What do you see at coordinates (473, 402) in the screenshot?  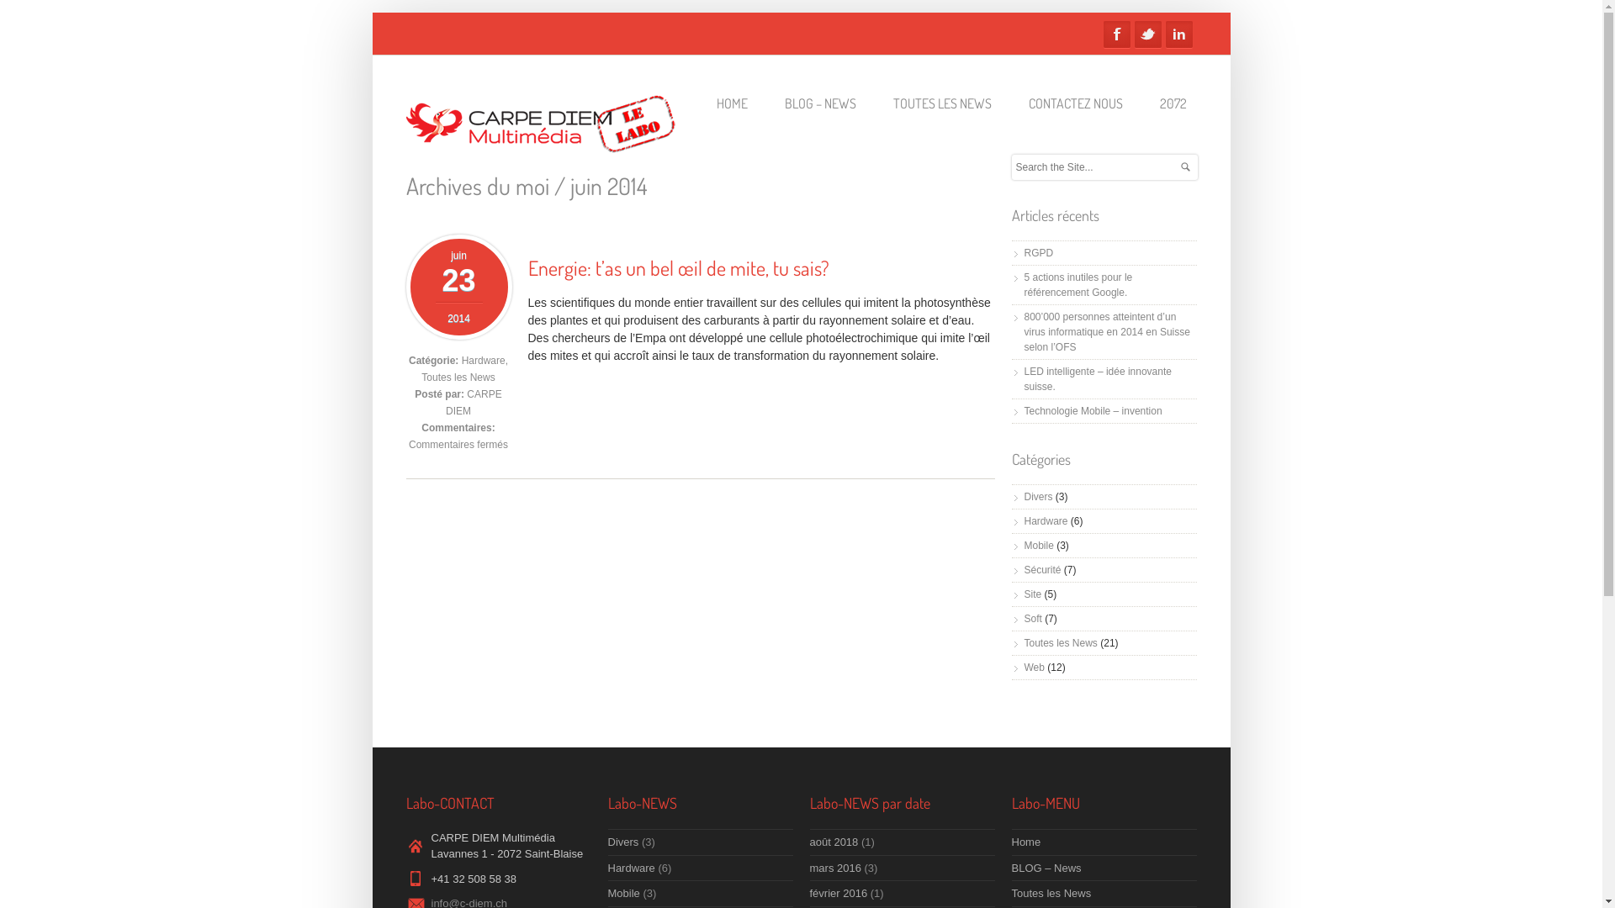 I see `'CARPE DIEM'` at bounding box center [473, 402].